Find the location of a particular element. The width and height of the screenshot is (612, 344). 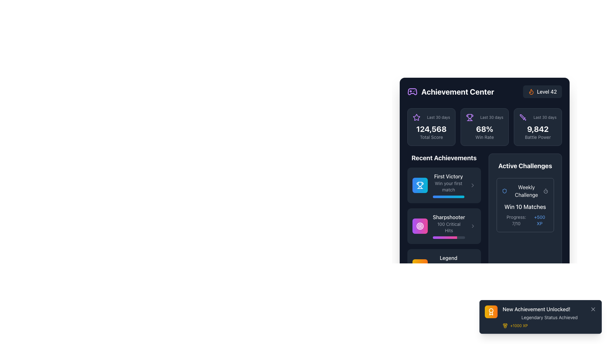

the Progress Bar element located at the bottom of the 'First Victory' card in the 'Recent Achievements' section, which is styled with a gradient from blue to cyan is located at coordinates (448, 196).